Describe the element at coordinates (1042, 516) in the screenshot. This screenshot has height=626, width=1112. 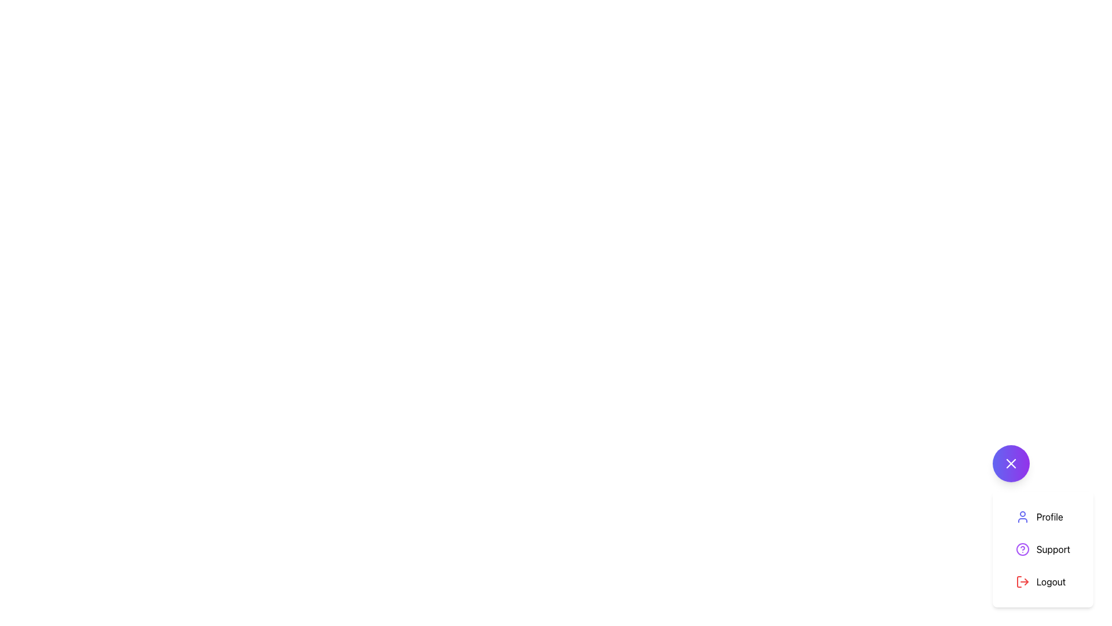
I see `the 'Profile' button in the dropdown menu, which features an indigo icon resembling a person and is the first item in a vertical list of options` at that location.